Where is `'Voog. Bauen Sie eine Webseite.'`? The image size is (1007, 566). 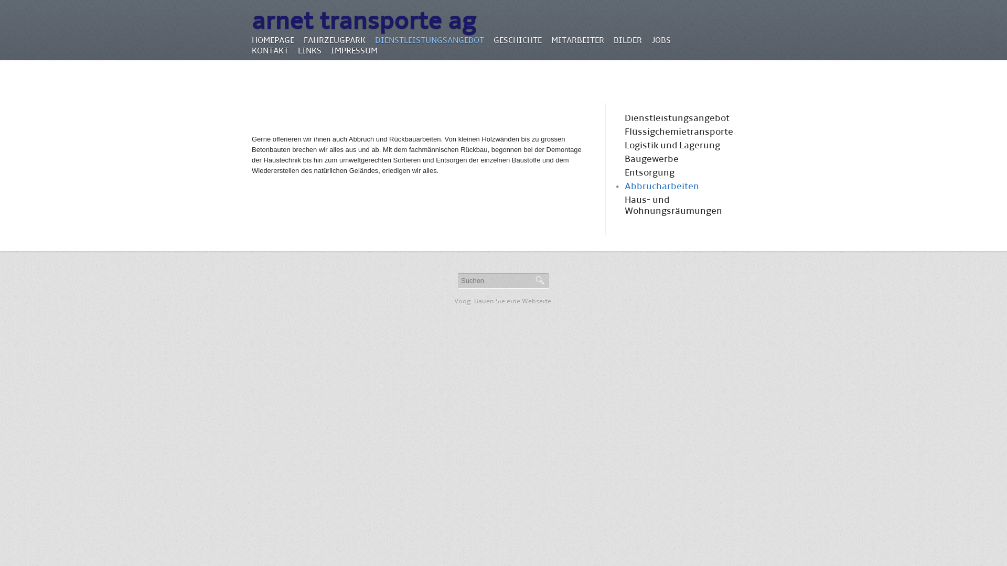 'Voog. Bauen Sie eine Webseite.' is located at coordinates (504, 301).